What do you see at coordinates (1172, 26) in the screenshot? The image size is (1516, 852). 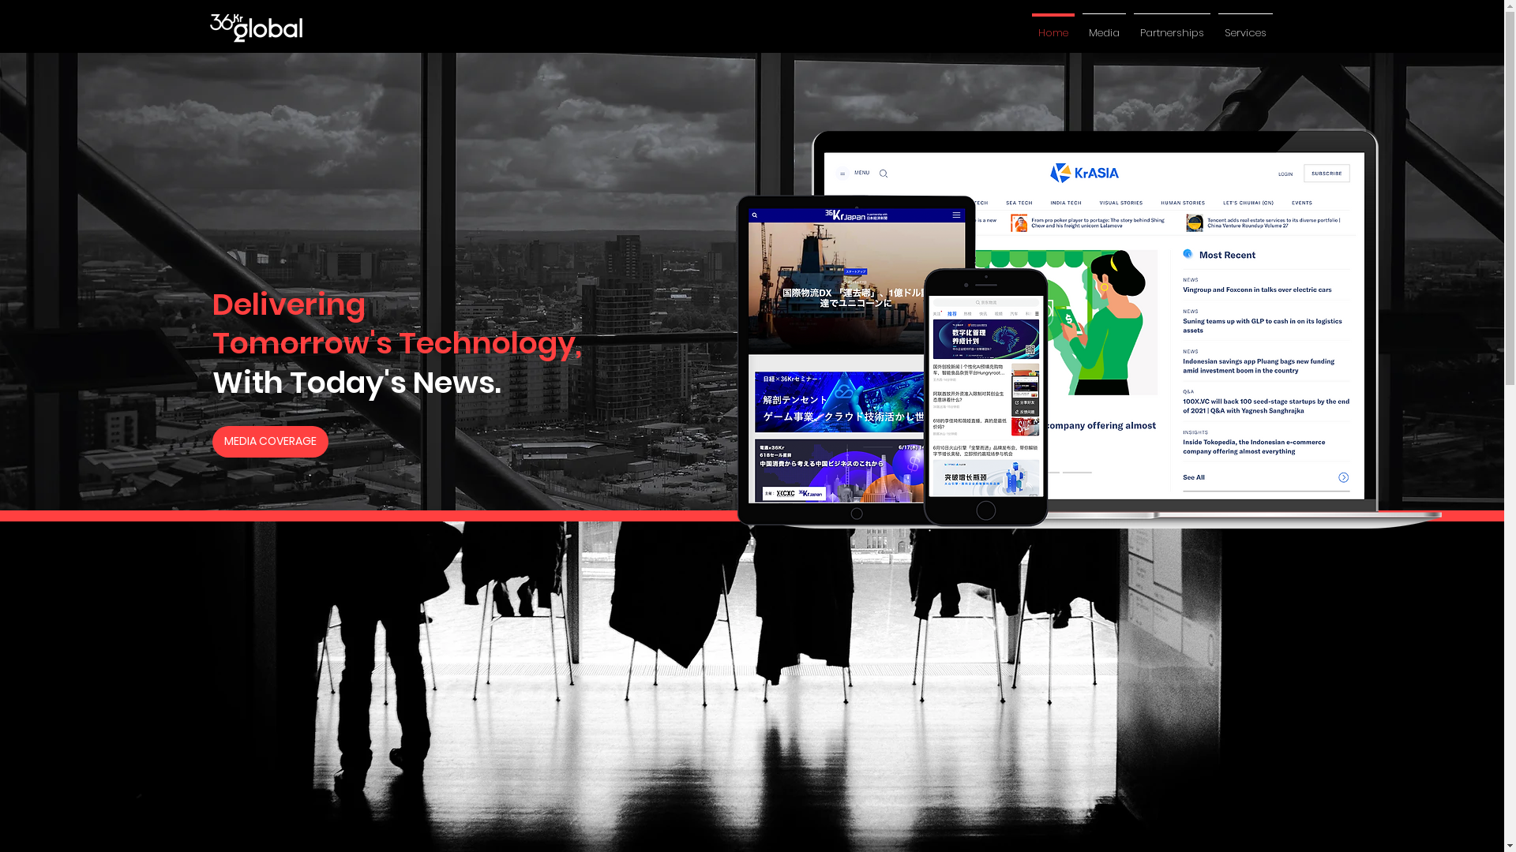 I see `'Partnerships'` at bounding box center [1172, 26].